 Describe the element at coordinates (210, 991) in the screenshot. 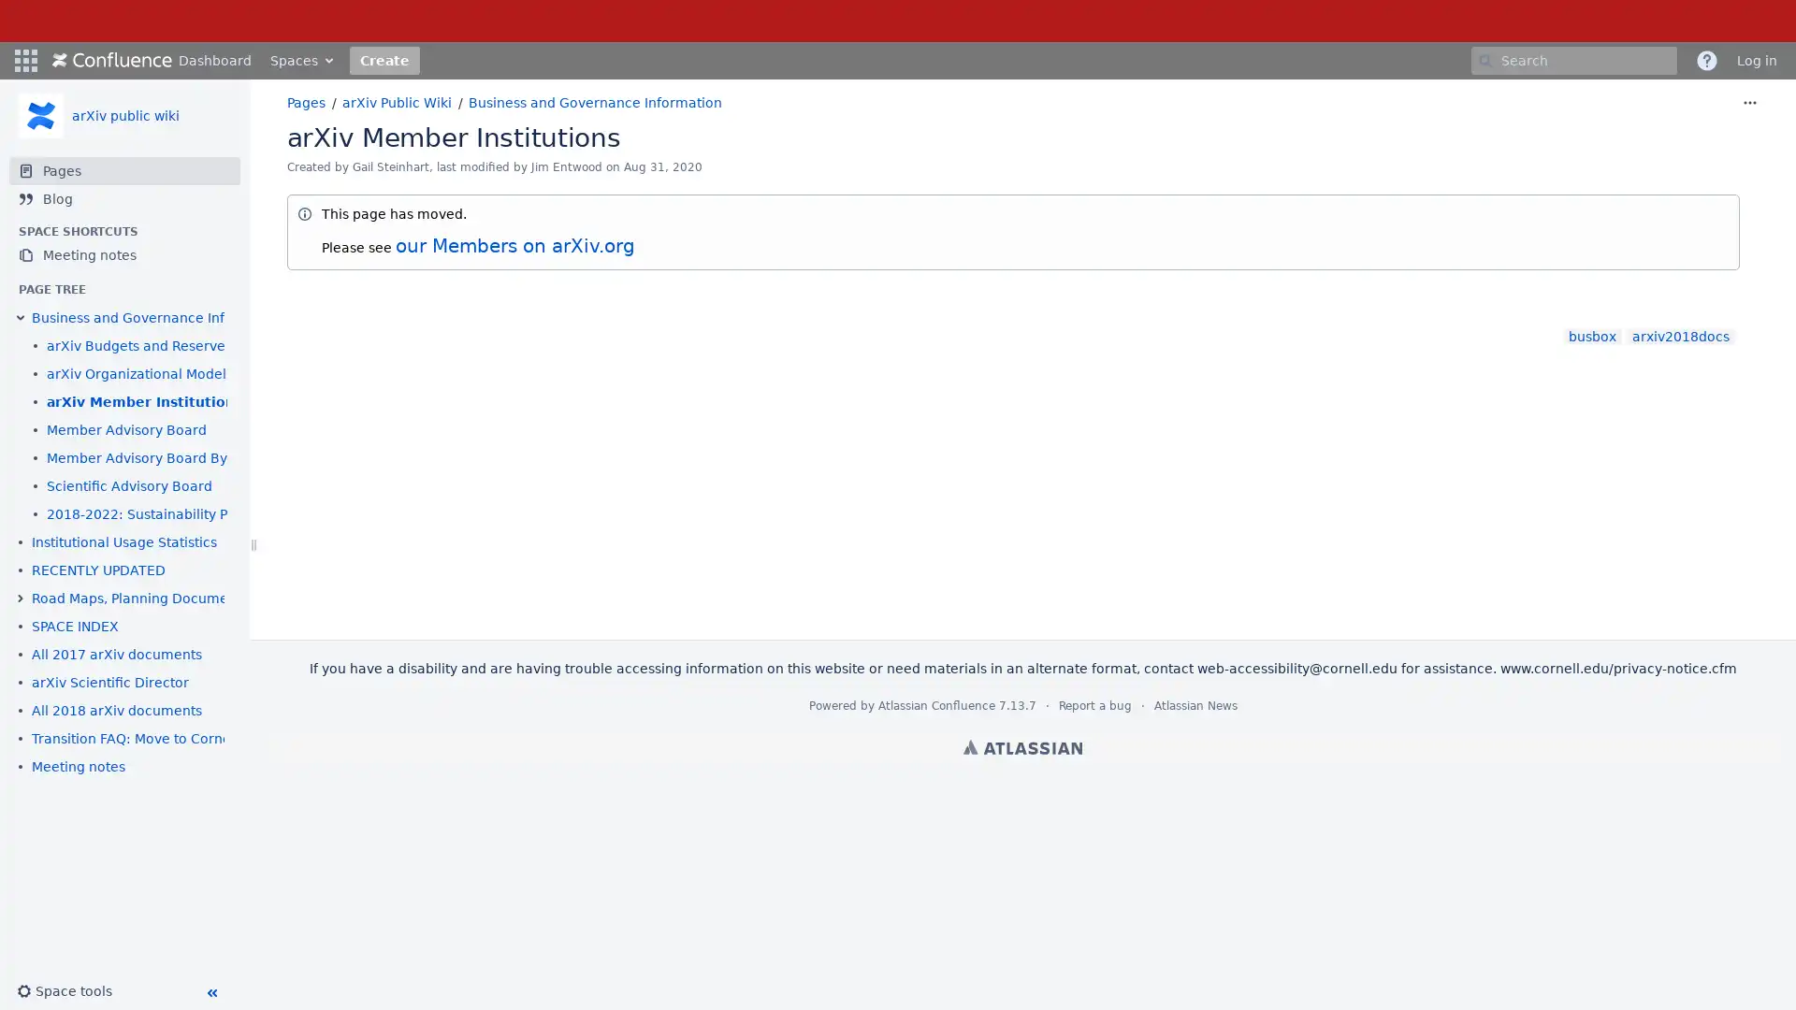

I see `Collapse sidebar ( [ )` at that location.